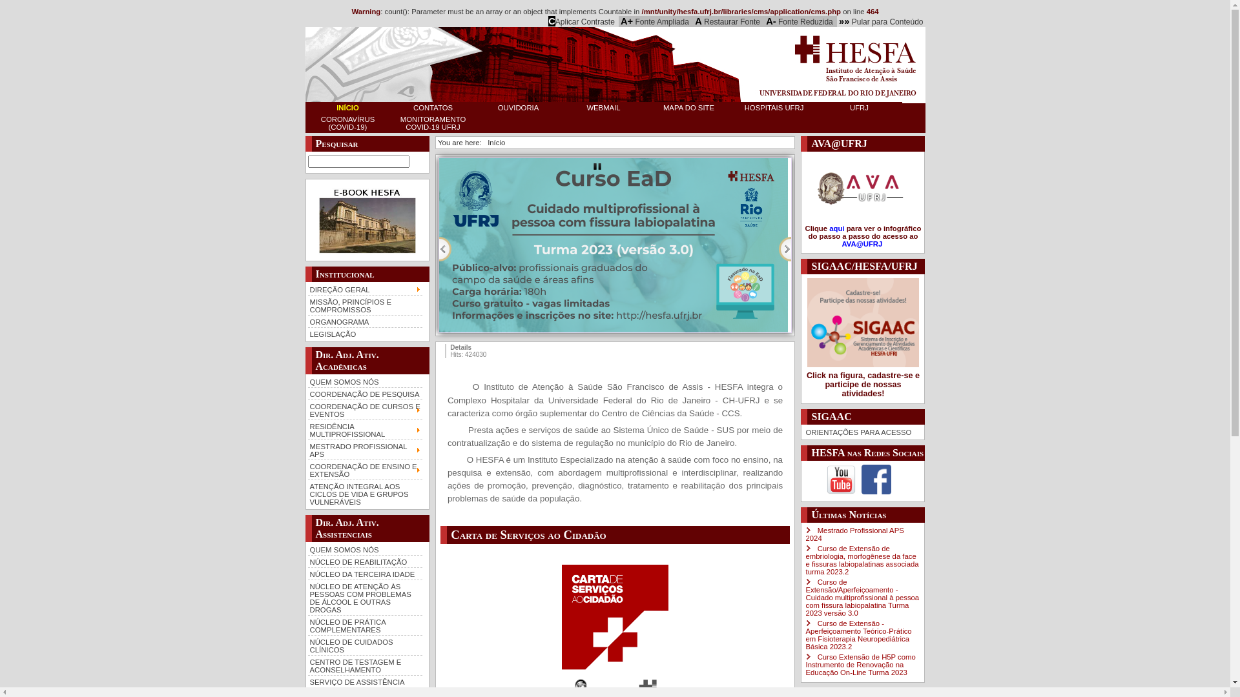  I want to click on 'Next', so click(778, 248).